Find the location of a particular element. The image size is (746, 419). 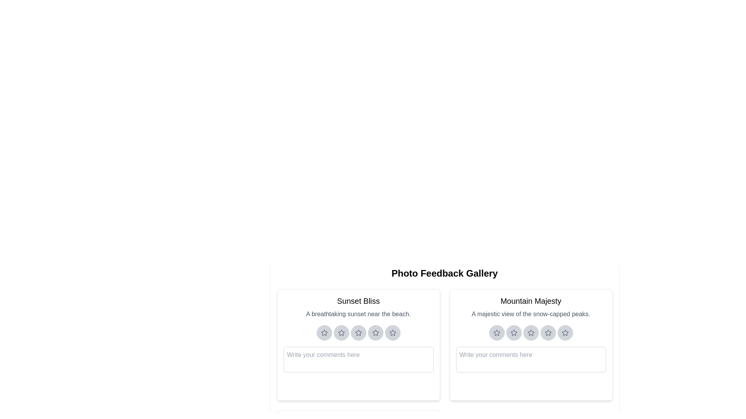

the third star icon in the rating system below the 'Sunset Bliss' heading is located at coordinates (358, 332).